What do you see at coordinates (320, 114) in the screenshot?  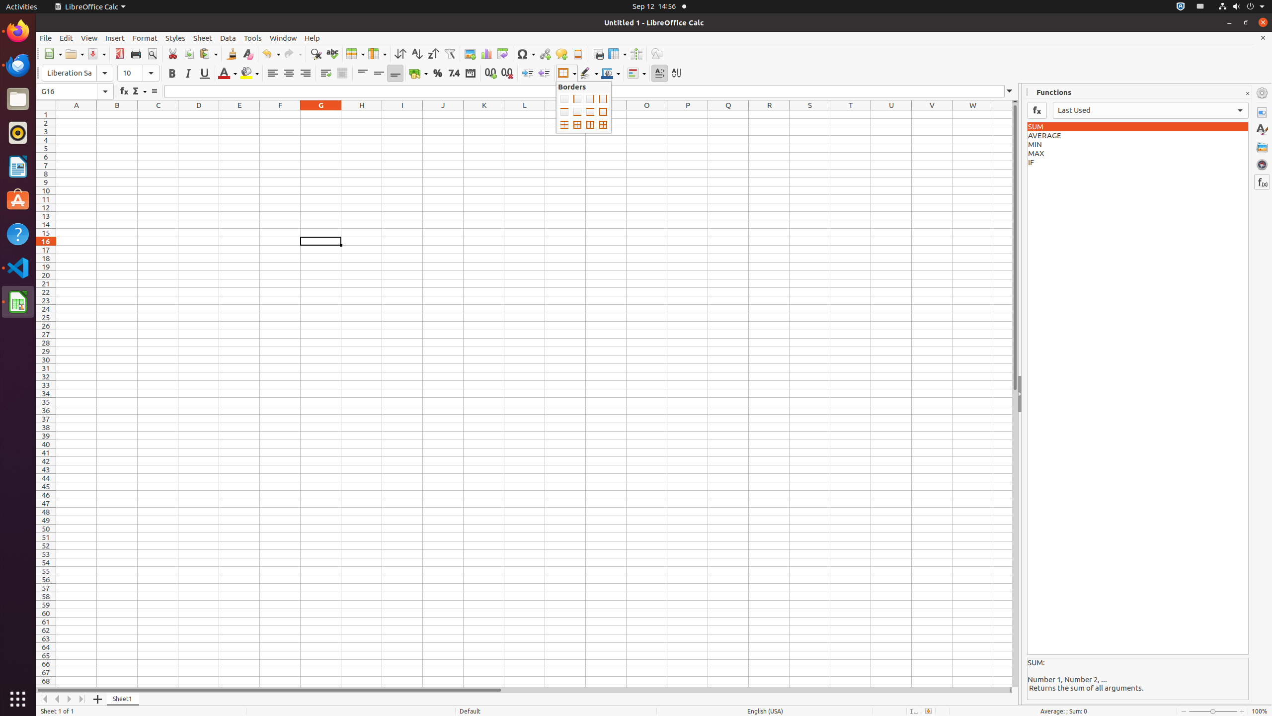 I see `'G1'` at bounding box center [320, 114].